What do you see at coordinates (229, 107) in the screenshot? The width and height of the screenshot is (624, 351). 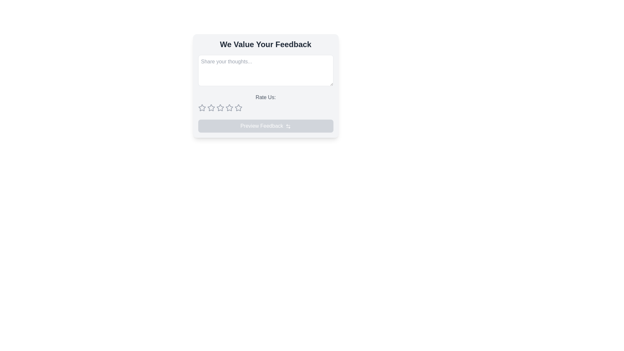 I see `the interactive star icon for ratings, which represents a middle rating (3 out of 5), located centrally in the 'Rate Us:' section beneath the input area of a feedback form` at bounding box center [229, 107].